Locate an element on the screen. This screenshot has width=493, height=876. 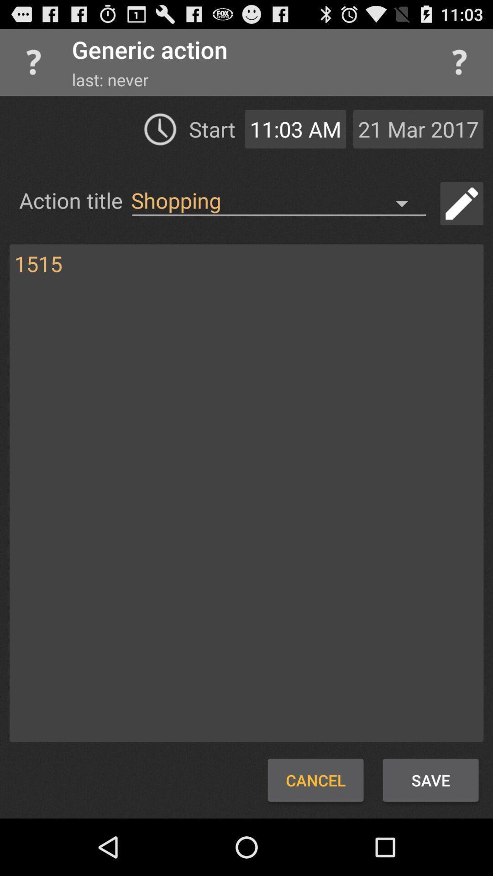
edit field is located at coordinates (462, 203).